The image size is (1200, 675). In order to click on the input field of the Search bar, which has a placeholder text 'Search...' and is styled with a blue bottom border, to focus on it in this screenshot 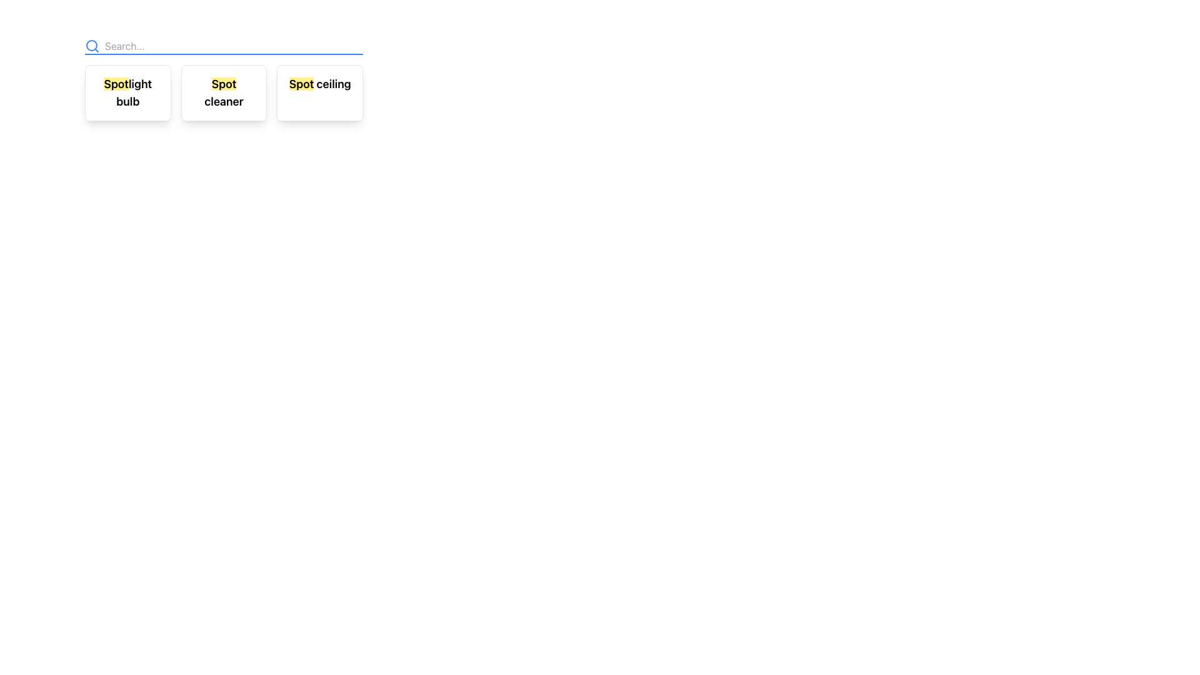, I will do `click(224, 46)`.